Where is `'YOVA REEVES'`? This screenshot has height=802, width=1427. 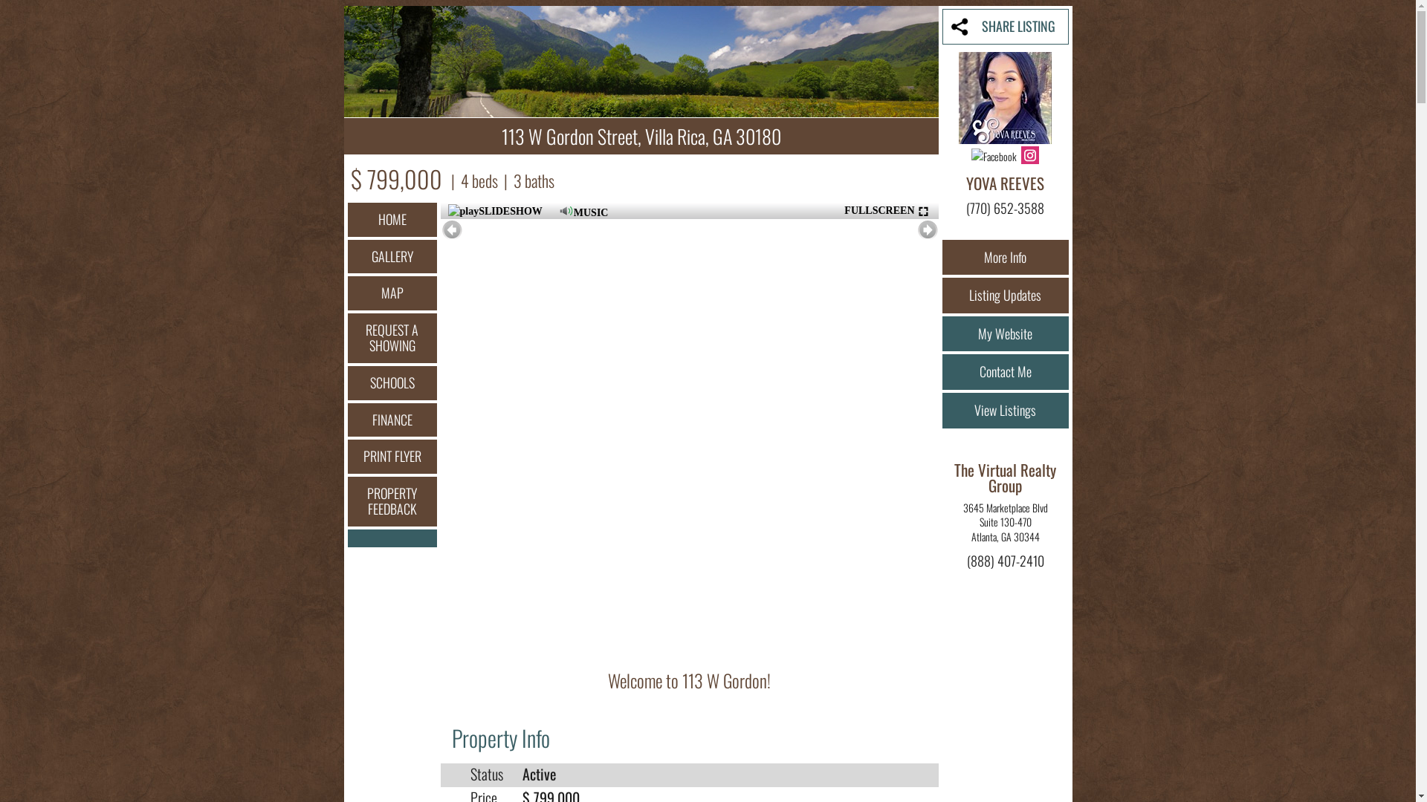 'YOVA REEVES' is located at coordinates (966, 182).